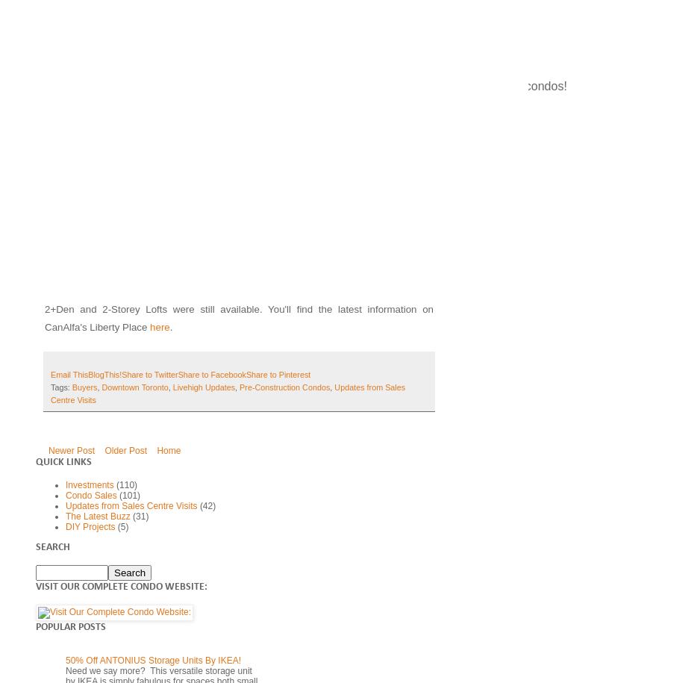 This screenshot has height=683, width=700. I want to click on 'The LiveHigh Team visited the Sales Centre for this unique flatiron building during their Agents & Clients launch last week. Not surprisingly, all of the smaller 1-BR units had already been sold by the time we'd arrived, but a modest selection of 1+Den, 2-BR, 2+Den and 2-Storey Lofts were still available. You'll find the latest information on CanAlfa's Liberty Place', so click(238, 290).